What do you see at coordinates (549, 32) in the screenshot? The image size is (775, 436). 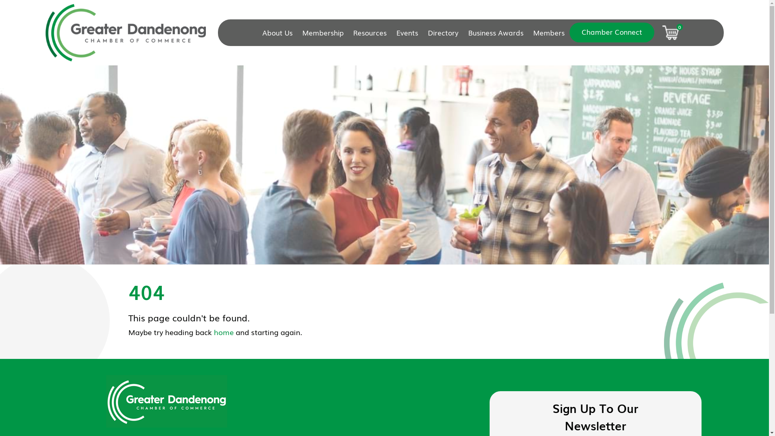 I see `'Members'` at bounding box center [549, 32].